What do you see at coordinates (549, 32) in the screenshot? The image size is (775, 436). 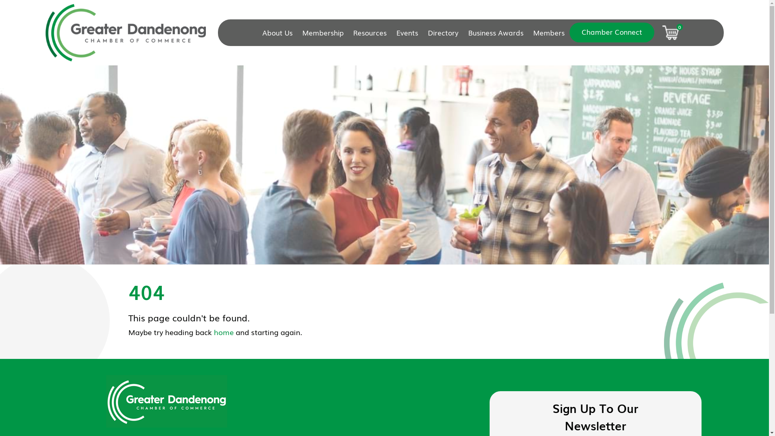 I see `'Members'` at bounding box center [549, 32].